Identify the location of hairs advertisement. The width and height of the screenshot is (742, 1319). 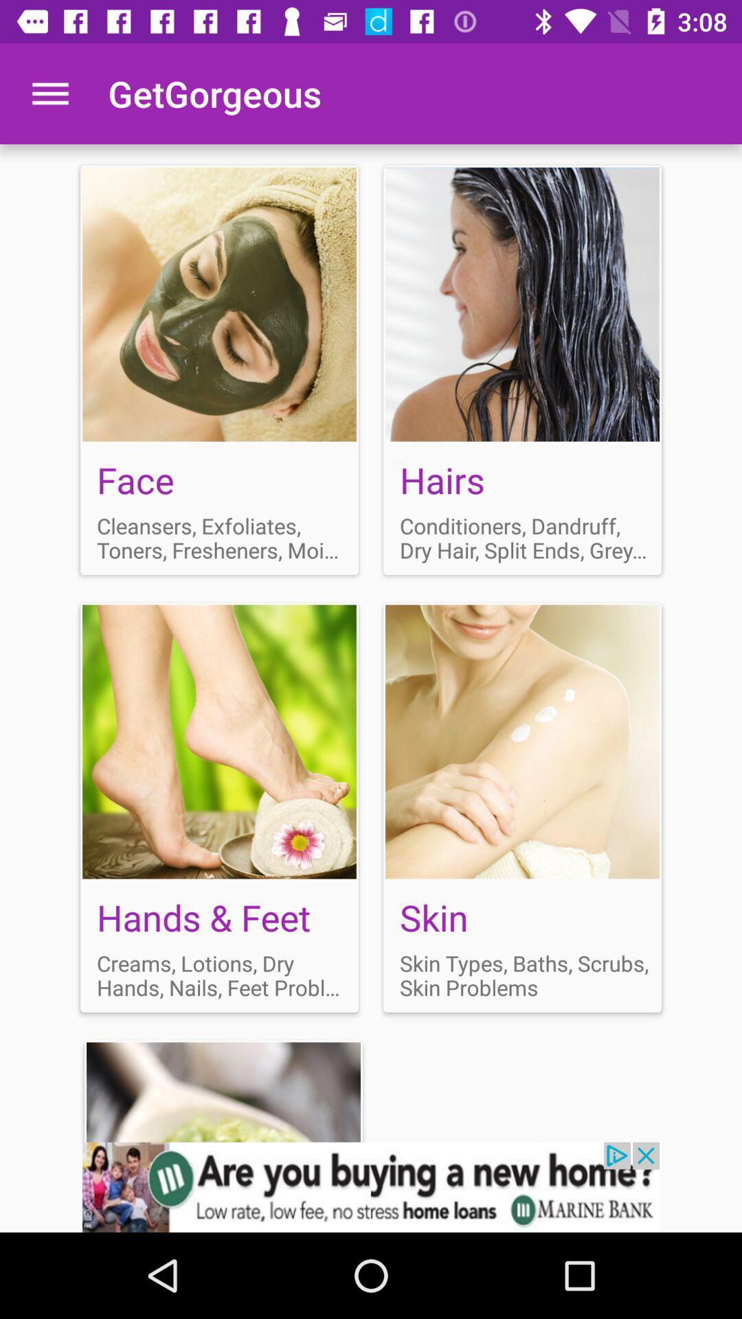
(522, 370).